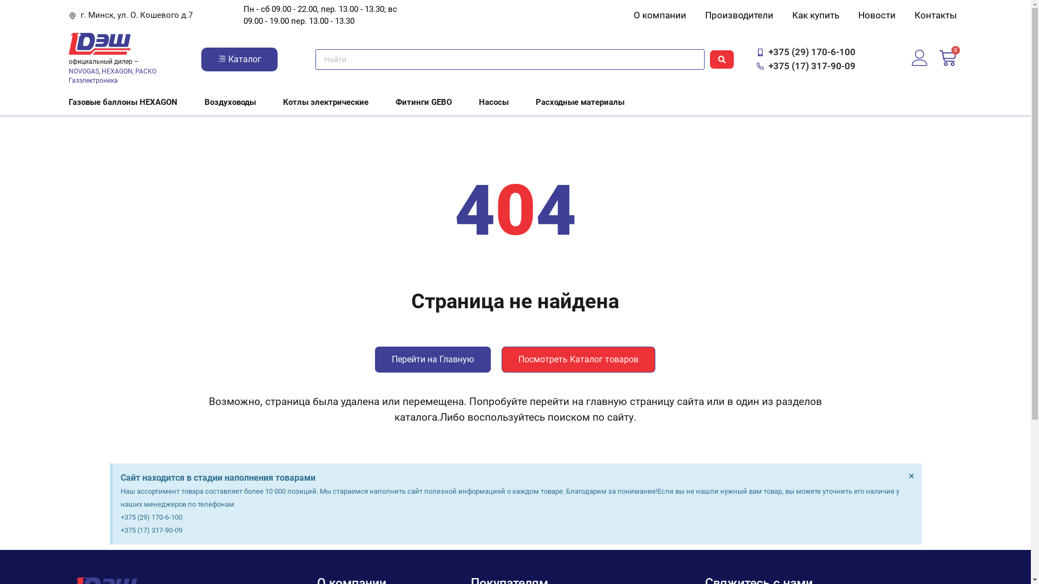  I want to click on 'HEXAGON,', so click(117, 71).